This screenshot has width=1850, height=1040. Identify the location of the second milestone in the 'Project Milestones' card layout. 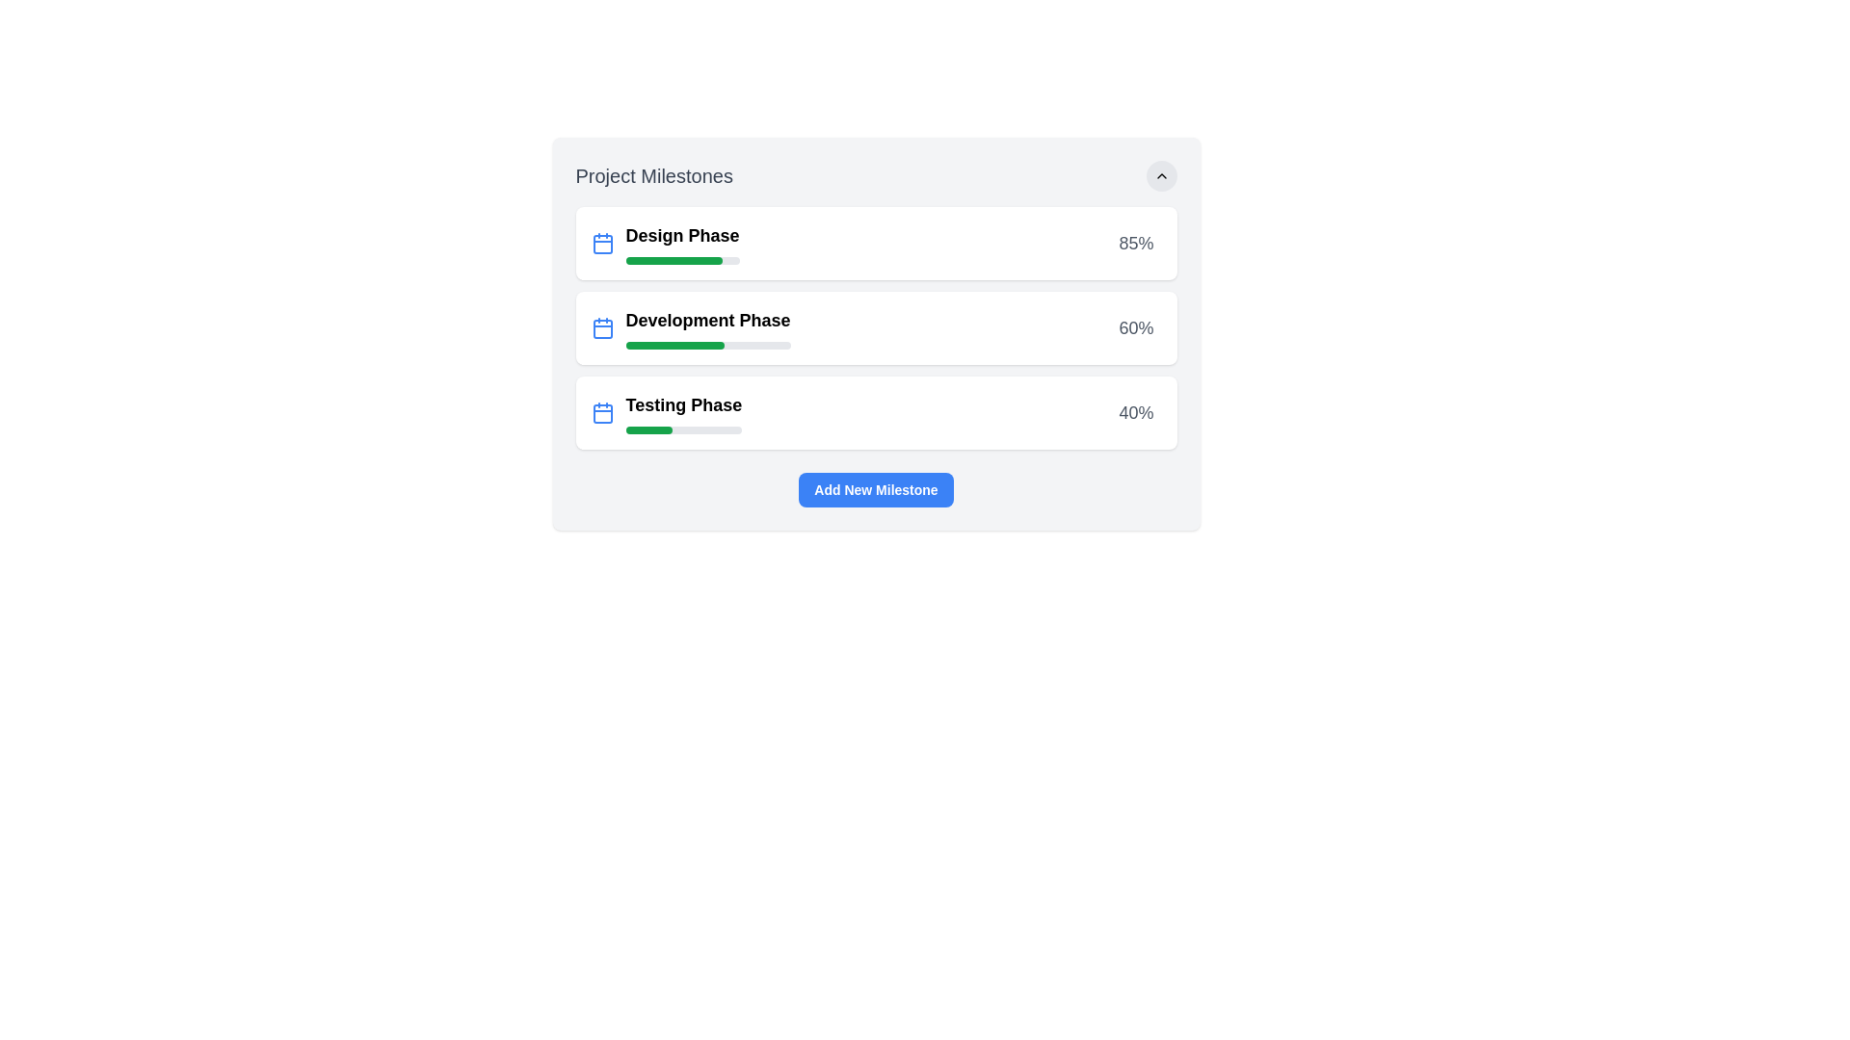
(706, 326).